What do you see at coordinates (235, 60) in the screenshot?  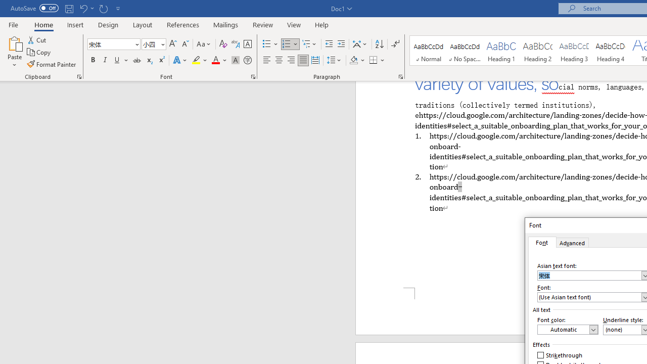 I see `'Character Shading'` at bounding box center [235, 60].